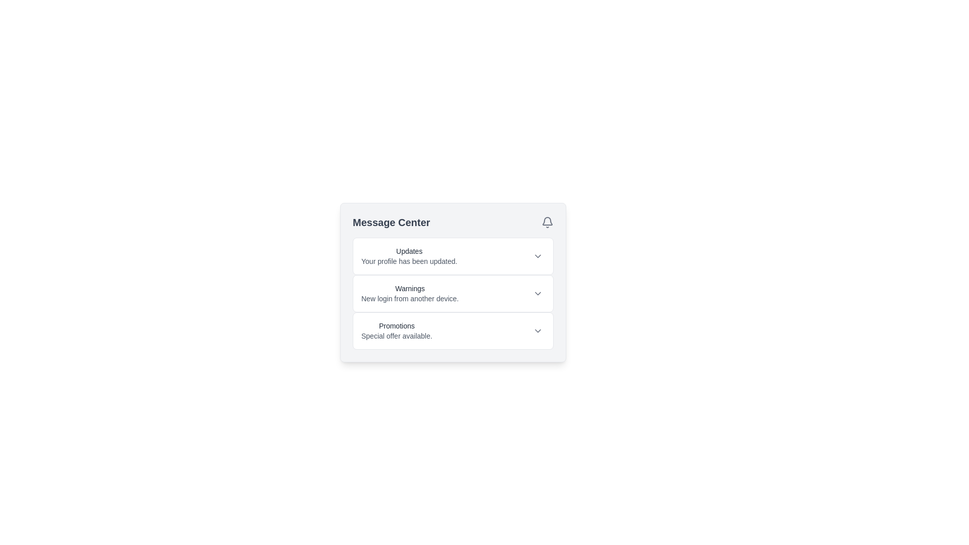  I want to click on the collapsible section header for notifications, so click(452, 256).